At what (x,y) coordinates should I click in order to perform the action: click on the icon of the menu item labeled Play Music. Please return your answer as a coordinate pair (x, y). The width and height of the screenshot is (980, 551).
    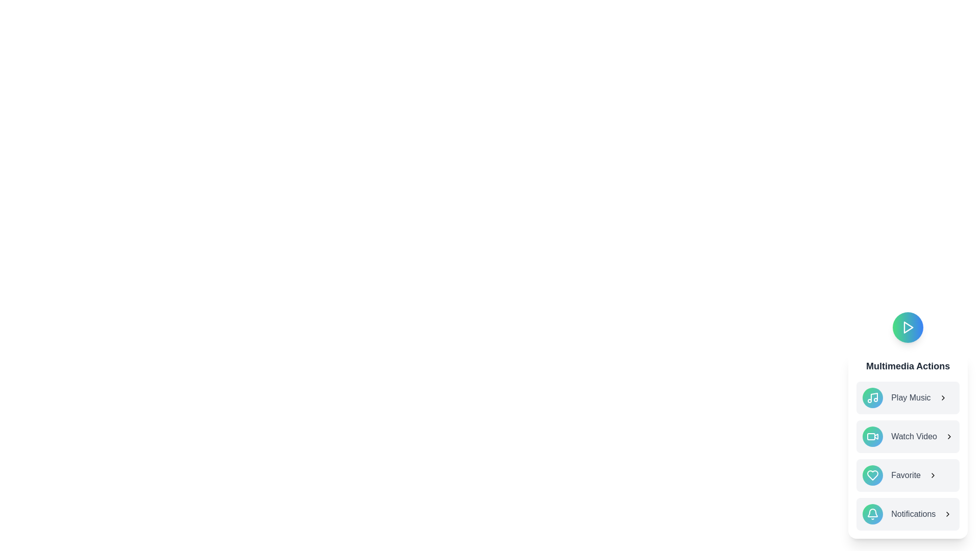
    Looking at the image, I should click on (872, 397).